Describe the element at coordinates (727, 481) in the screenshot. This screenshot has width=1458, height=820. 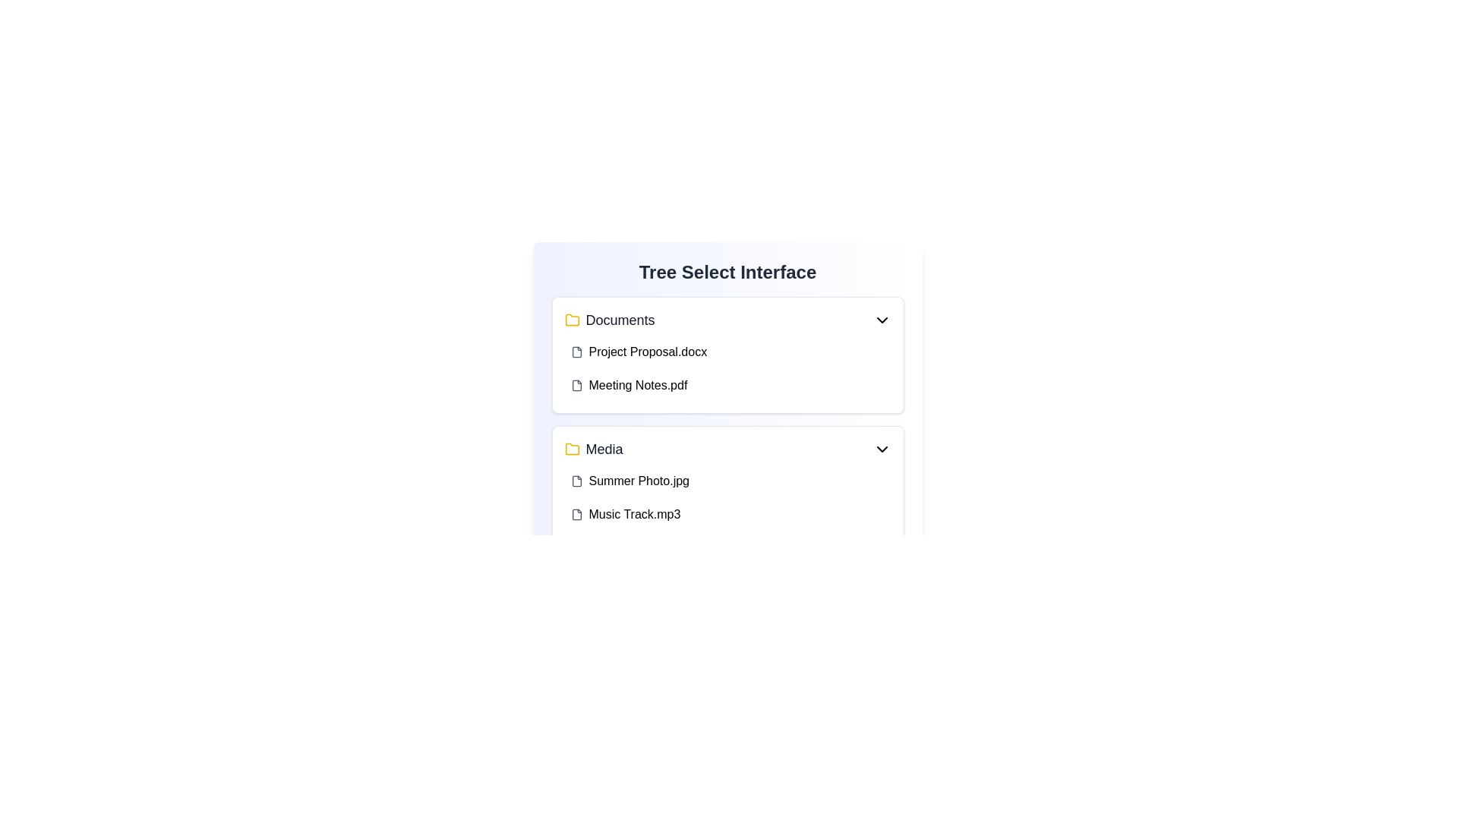
I see `the first list item labeled 'Summer Photo.jpg'` at that location.